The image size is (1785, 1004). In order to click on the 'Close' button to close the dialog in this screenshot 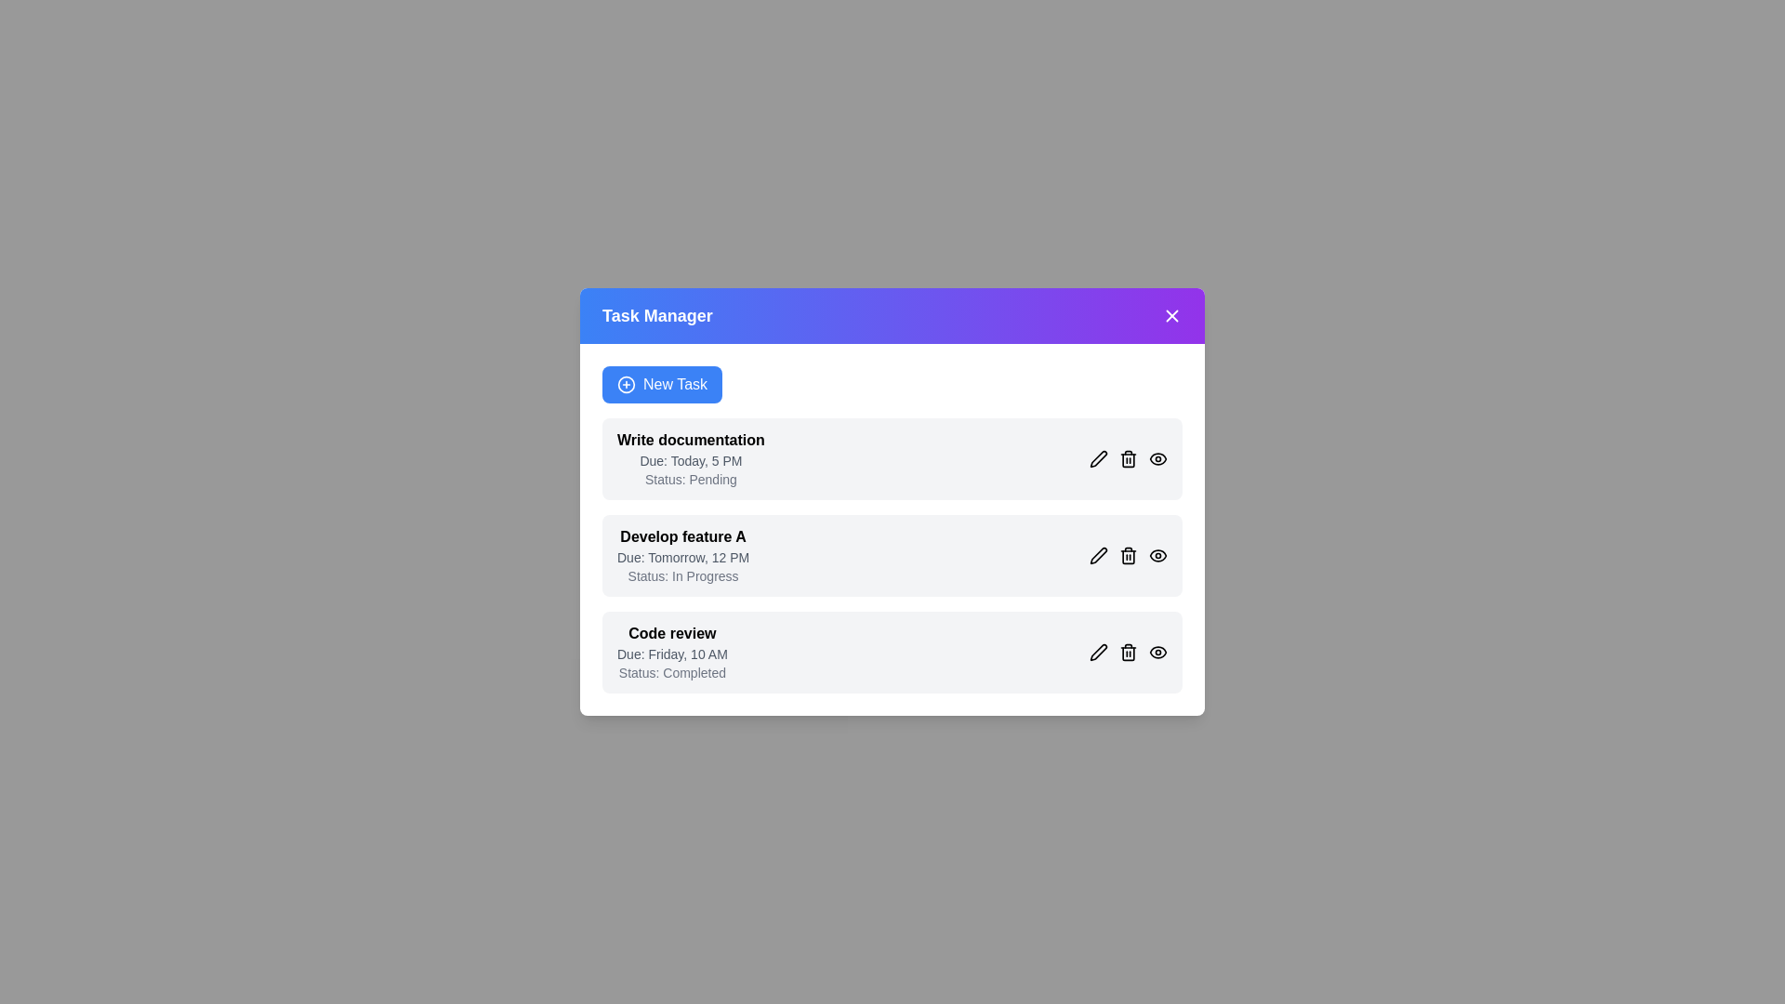, I will do `click(1171, 314)`.